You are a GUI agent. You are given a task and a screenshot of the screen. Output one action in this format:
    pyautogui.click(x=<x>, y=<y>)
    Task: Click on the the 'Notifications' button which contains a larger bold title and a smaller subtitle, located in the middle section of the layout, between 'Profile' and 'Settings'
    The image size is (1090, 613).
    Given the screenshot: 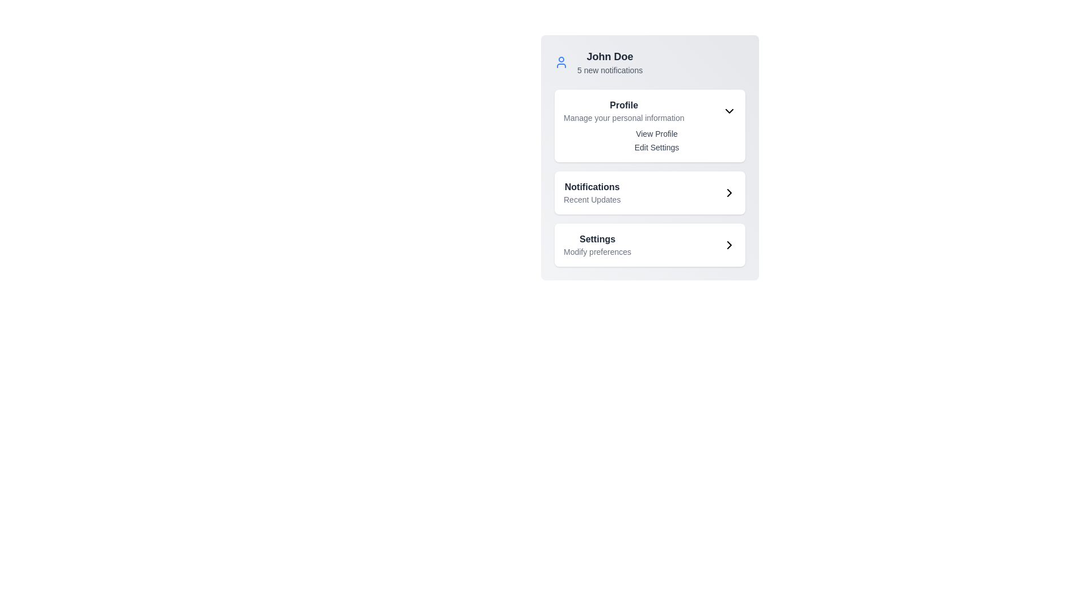 What is the action you would take?
    pyautogui.click(x=650, y=192)
    